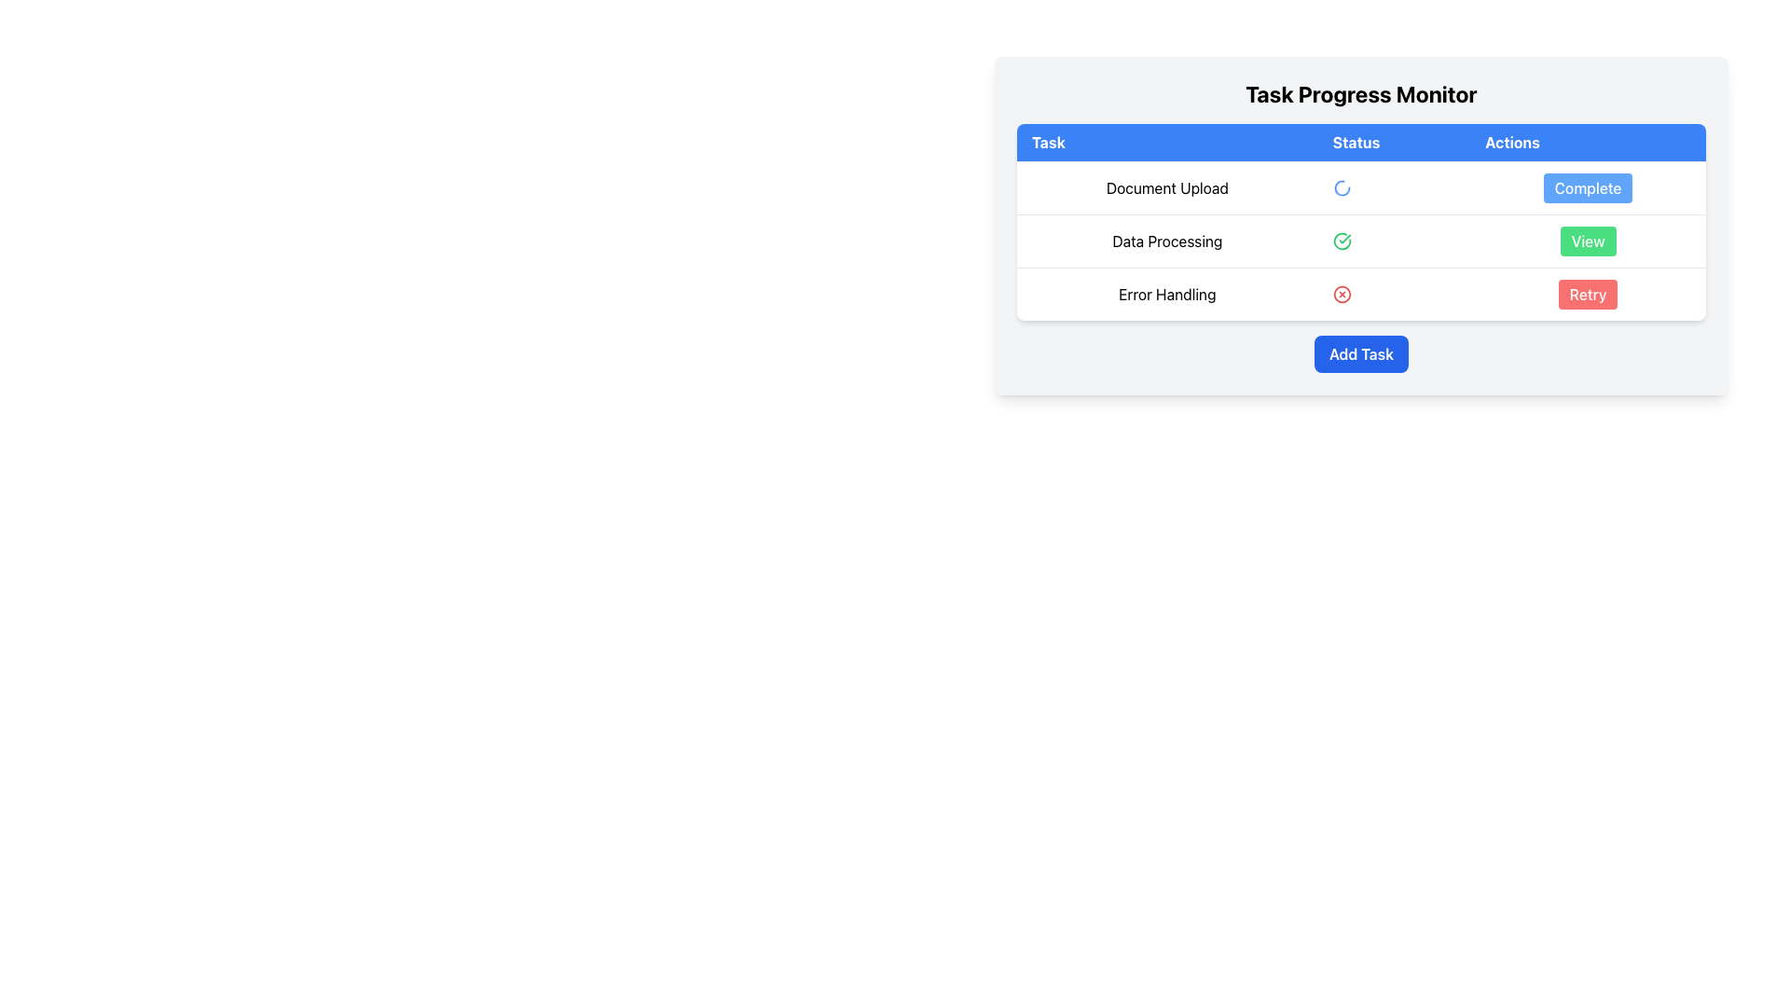  Describe the element at coordinates (1361, 225) in the screenshot. I see `the task statuses and actions by clicking on the task management widget that contains the table and controls` at that location.